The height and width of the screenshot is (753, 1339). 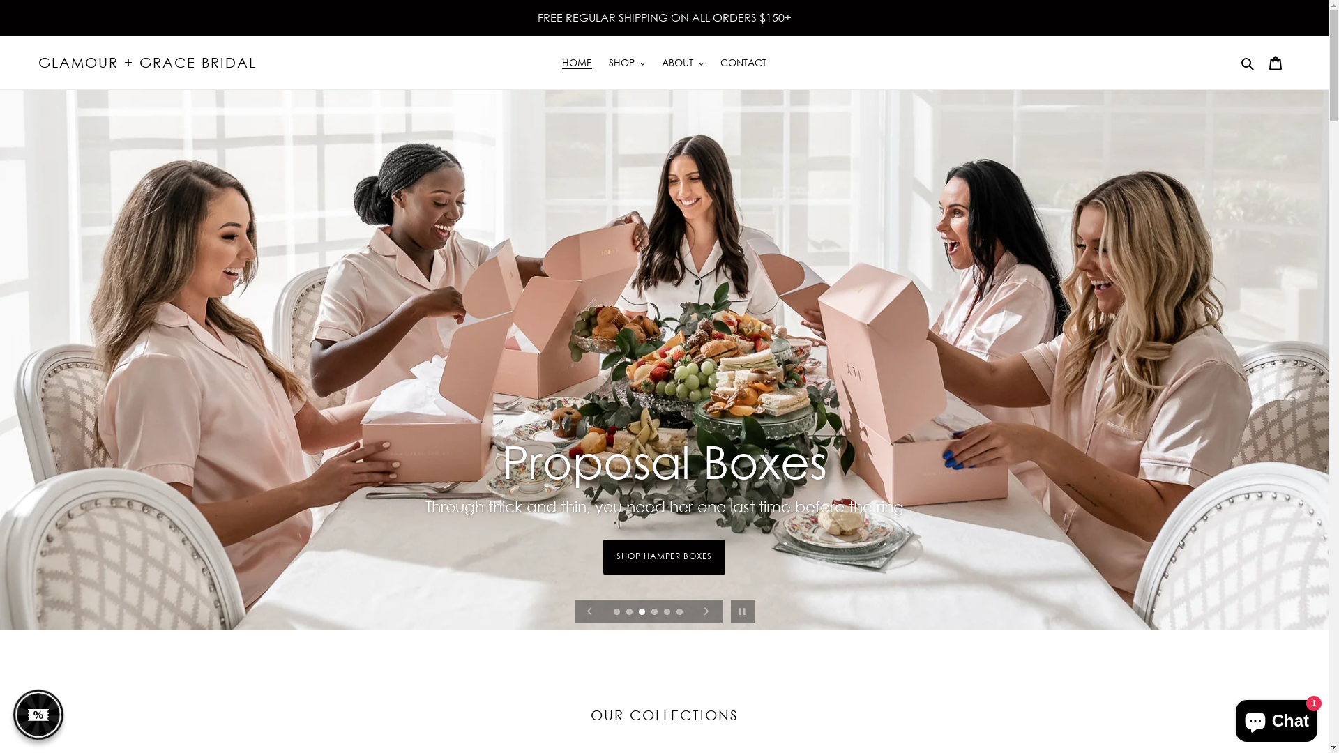 I want to click on 'Cart', so click(x=1275, y=61).